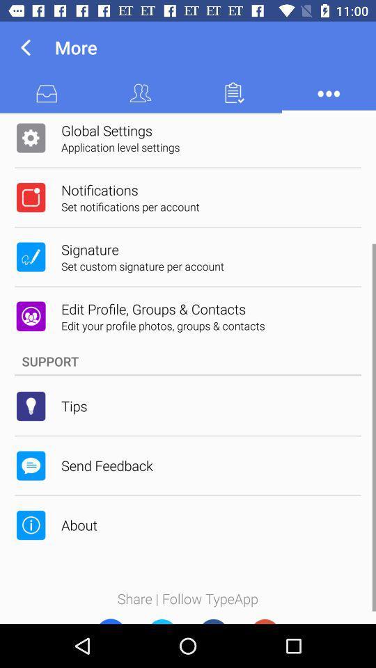 The image size is (376, 668). What do you see at coordinates (106, 466) in the screenshot?
I see `the item above the about icon` at bounding box center [106, 466].